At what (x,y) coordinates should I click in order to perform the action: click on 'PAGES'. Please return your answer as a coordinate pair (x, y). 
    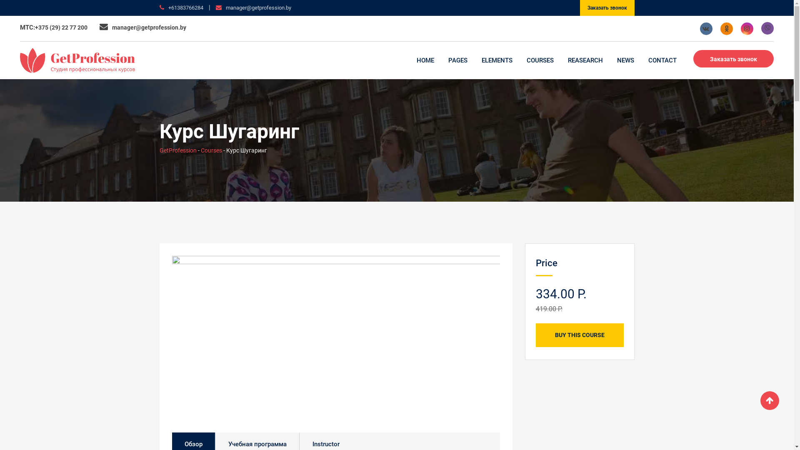
    Looking at the image, I should click on (457, 60).